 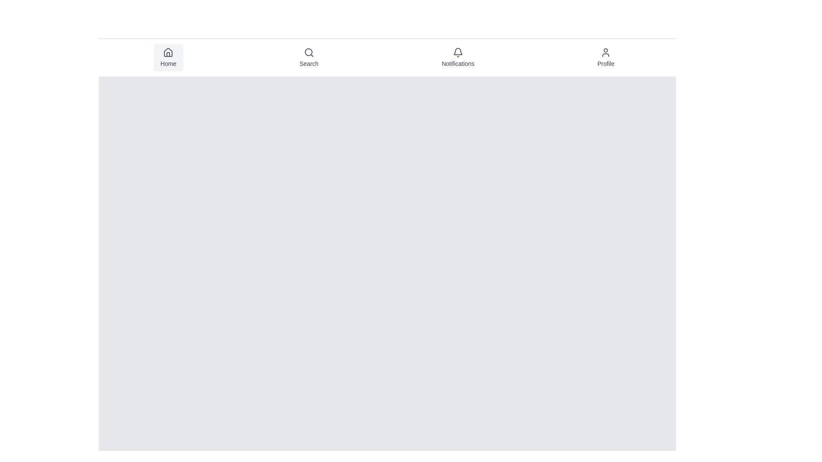 What do you see at coordinates (605, 63) in the screenshot?
I see `the 'Profile' text label, which is a gray text label located beneath the user icon in the navigation bar` at bounding box center [605, 63].